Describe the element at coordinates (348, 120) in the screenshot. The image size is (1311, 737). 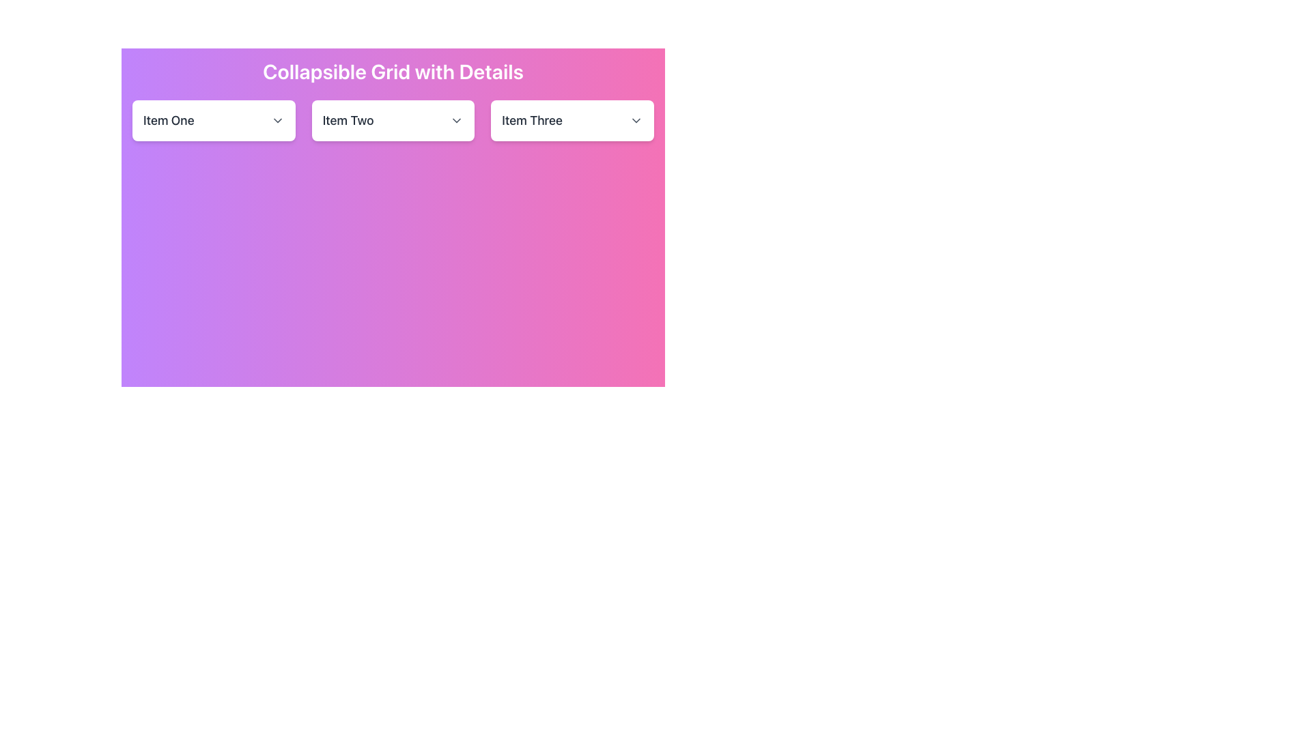
I see `the text string 'Item Two', which is centrally aligned in the second column of a three-column layout, for interaction` at that location.